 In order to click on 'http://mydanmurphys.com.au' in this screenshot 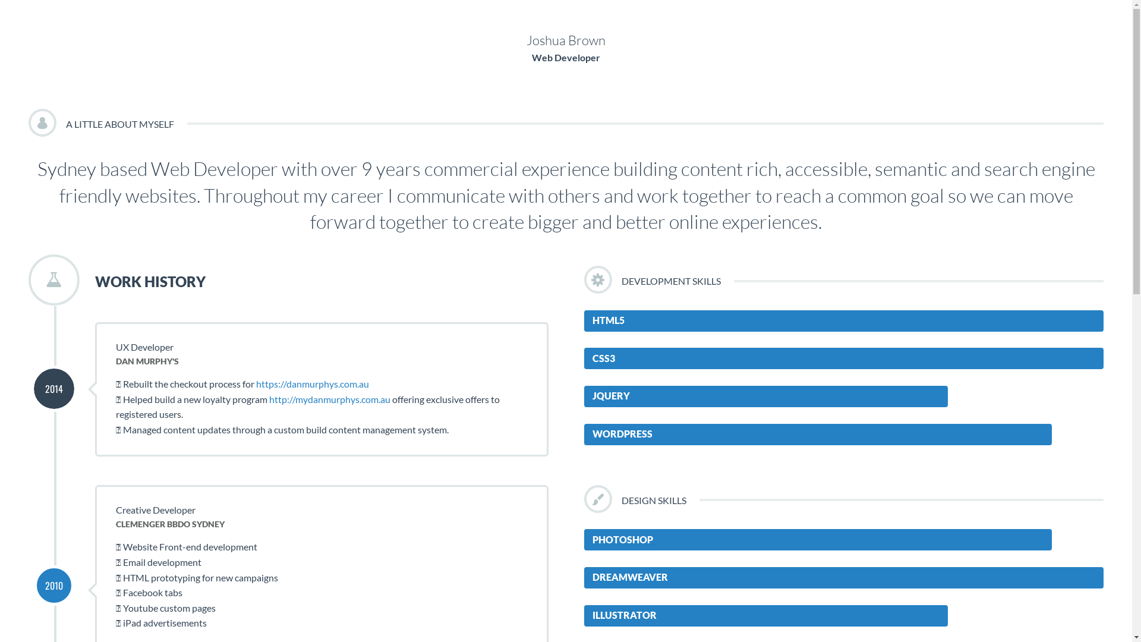, I will do `click(330, 399)`.